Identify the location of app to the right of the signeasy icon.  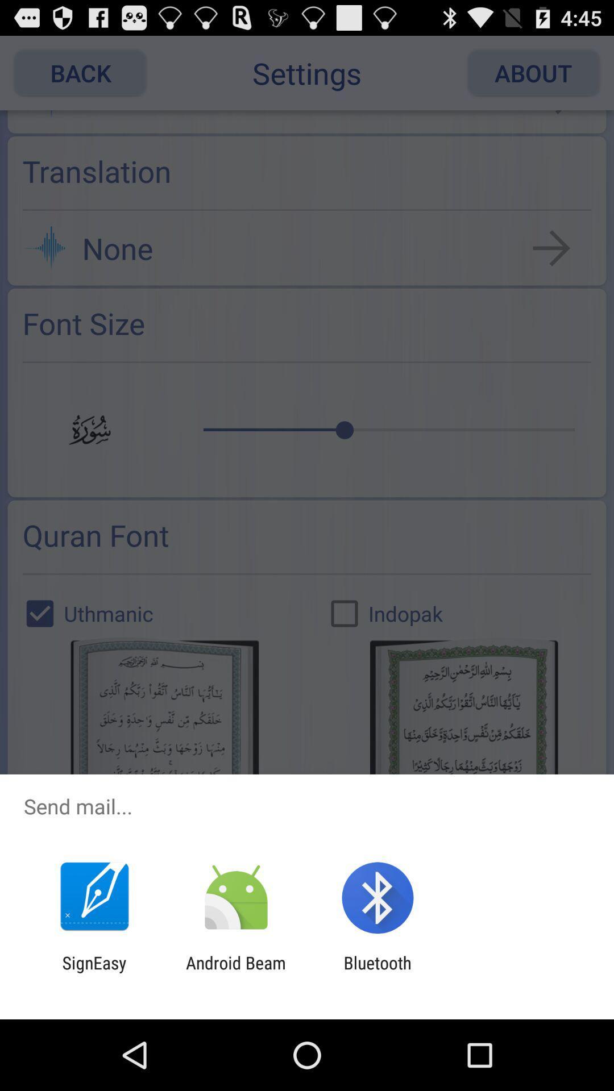
(235, 972).